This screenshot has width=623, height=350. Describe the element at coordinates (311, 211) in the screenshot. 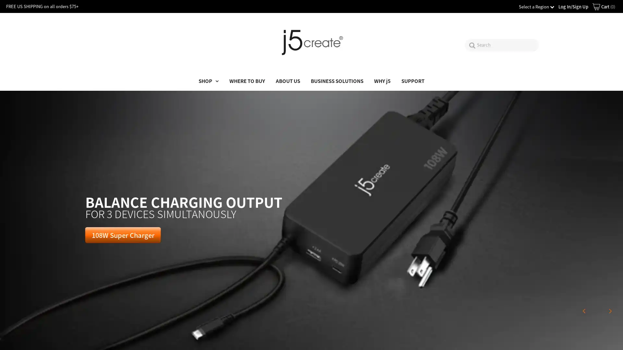

I see `NO, THANK YOU` at that location.